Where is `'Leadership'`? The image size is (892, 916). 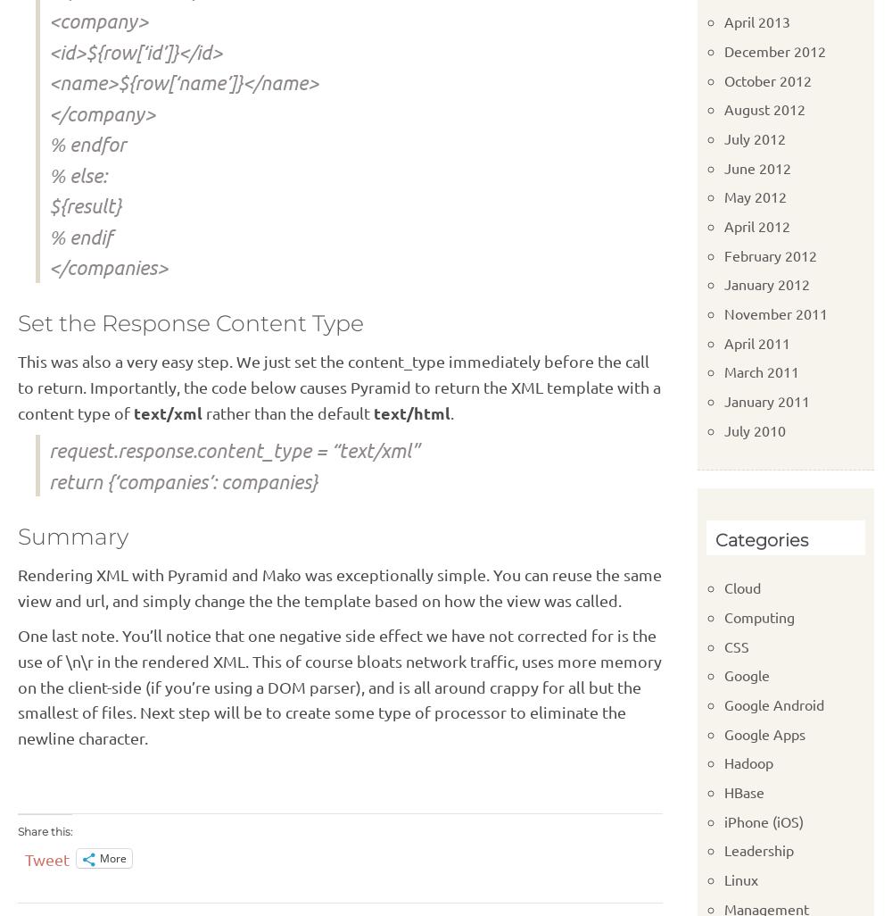 'Leadership' is located at coordinates (723, 850).